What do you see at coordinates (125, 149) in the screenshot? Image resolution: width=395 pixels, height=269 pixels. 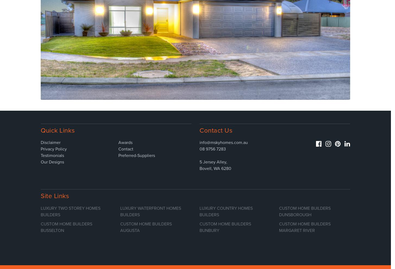 I see `'Contact'` at bounding box center [125, 149].